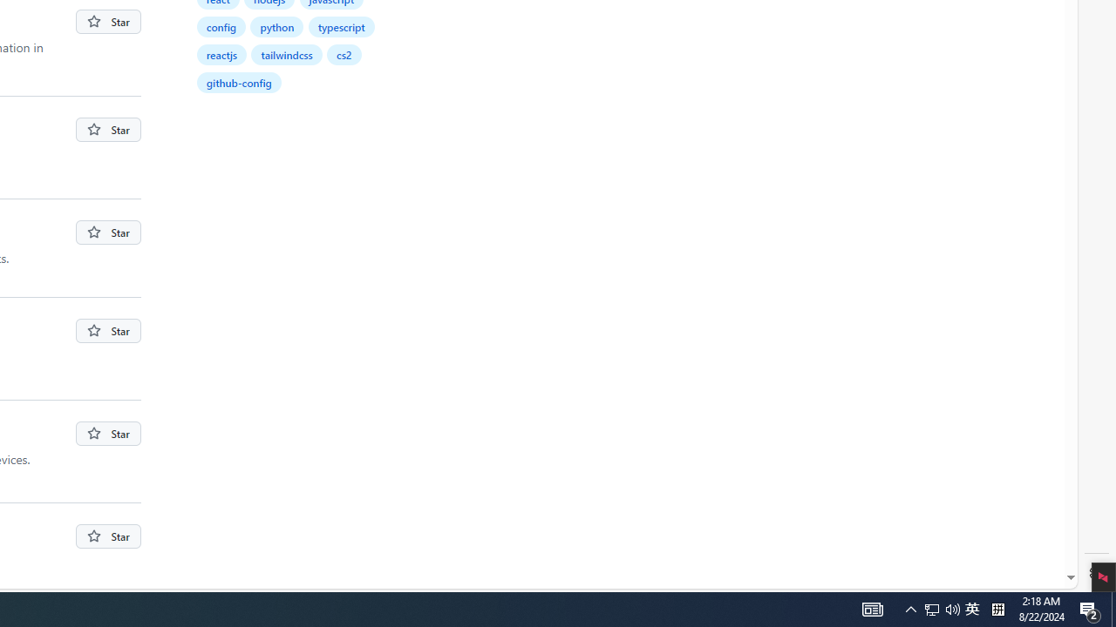  I want to click on 'typescript', so click(341, 26).